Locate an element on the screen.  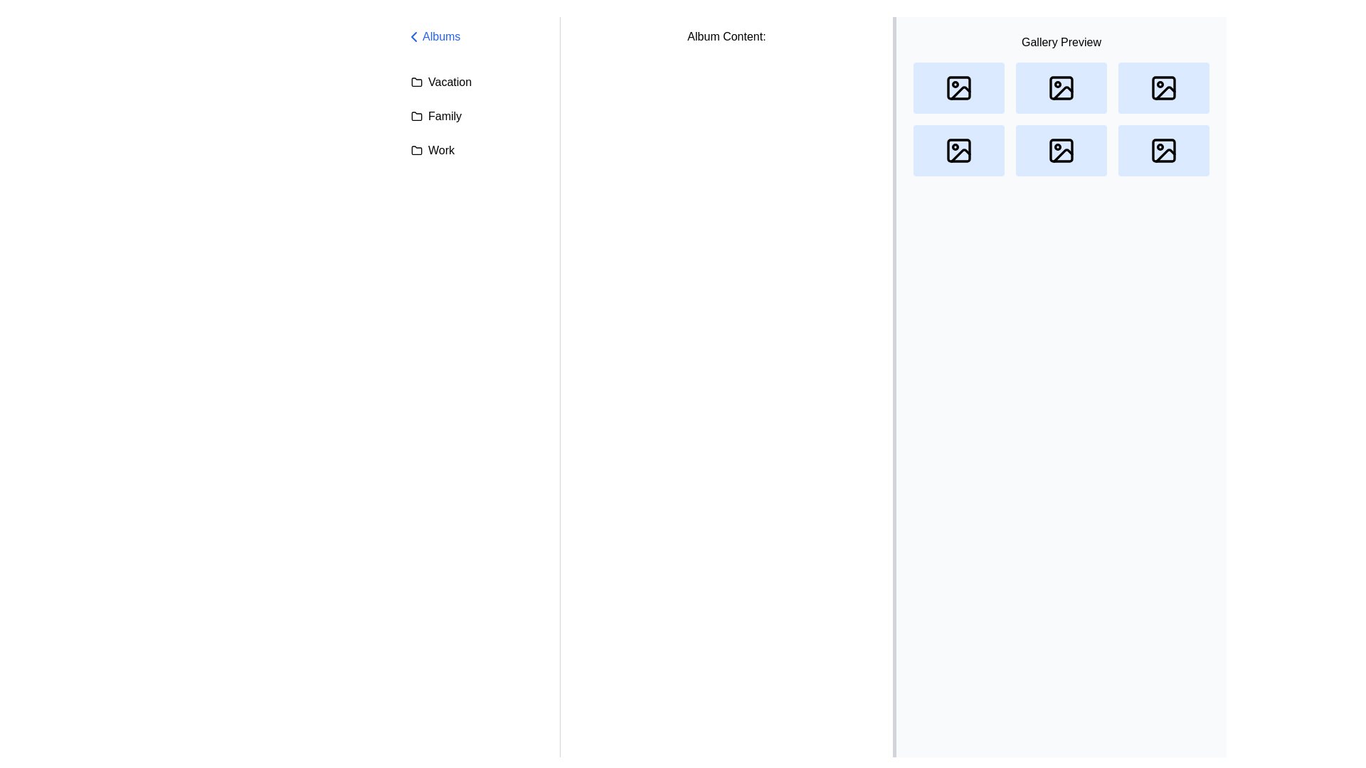
the leftward-pointing chevron icon, which is blue and located to the left of the 'Albums' label in the vertical navigation section is located at coordinates (413, 36).